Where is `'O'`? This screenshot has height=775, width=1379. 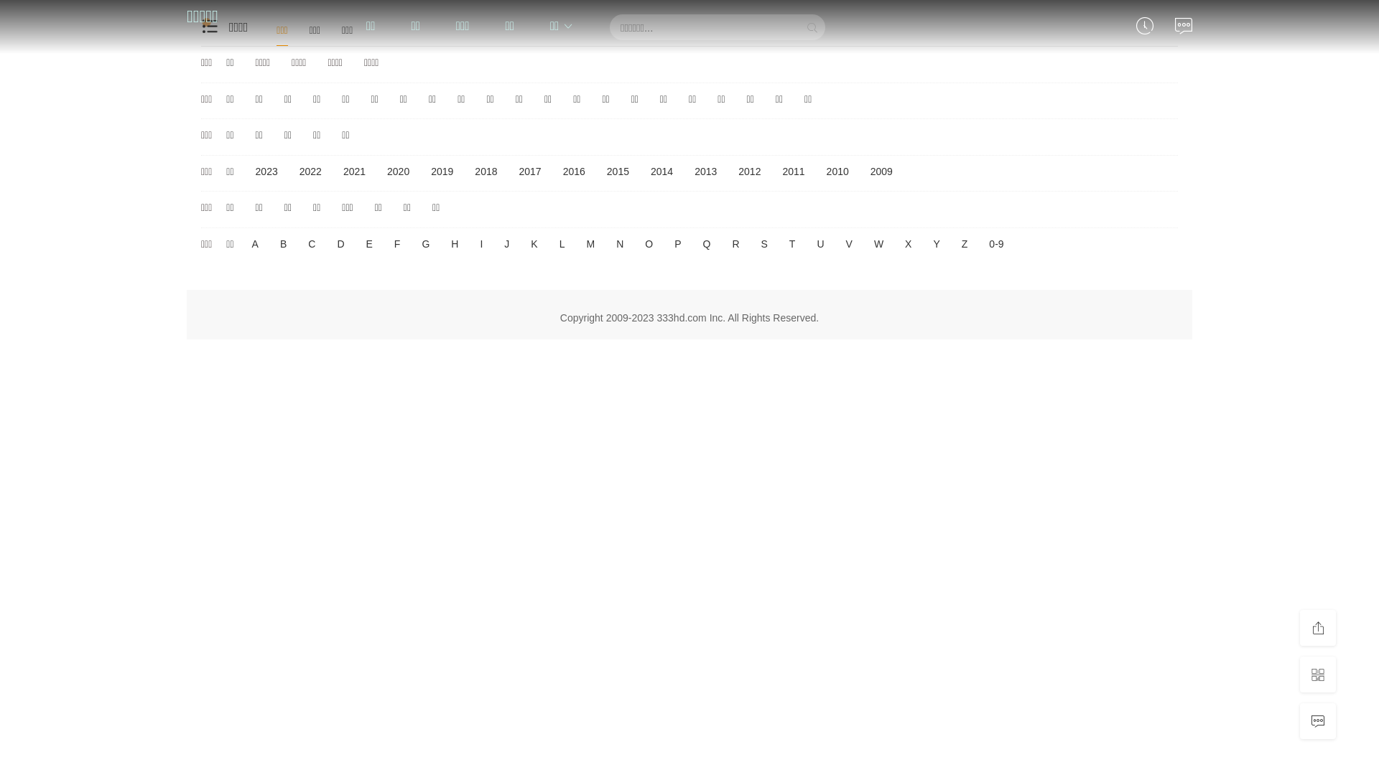
'O' is located at coordinates (640, 243).